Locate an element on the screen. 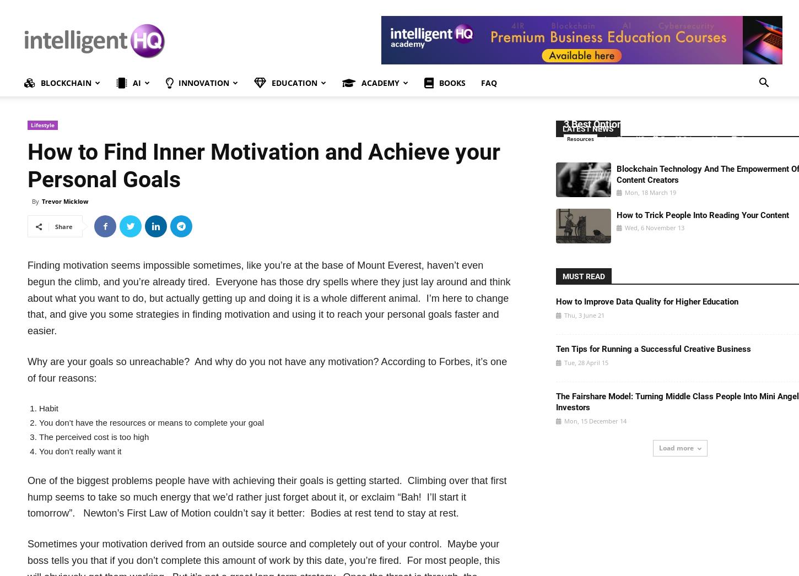 This screenshot has width=799, height=576. 'Wed, 6 November 13' is located at coordinates (653, 227).